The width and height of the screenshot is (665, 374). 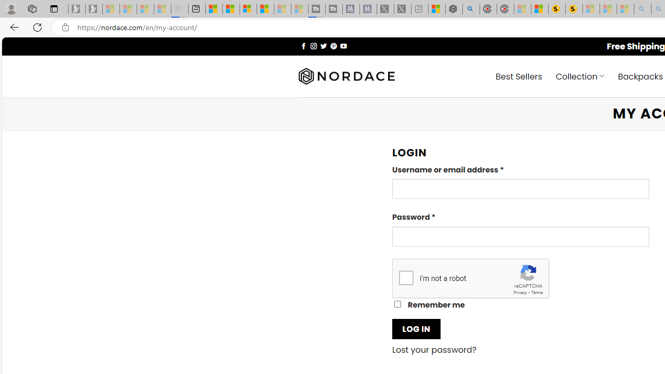 What do you see at coordinates (313, 45) in the screenshot?
I see `'Follow on Instagram'` at bounding box center [313, 45].